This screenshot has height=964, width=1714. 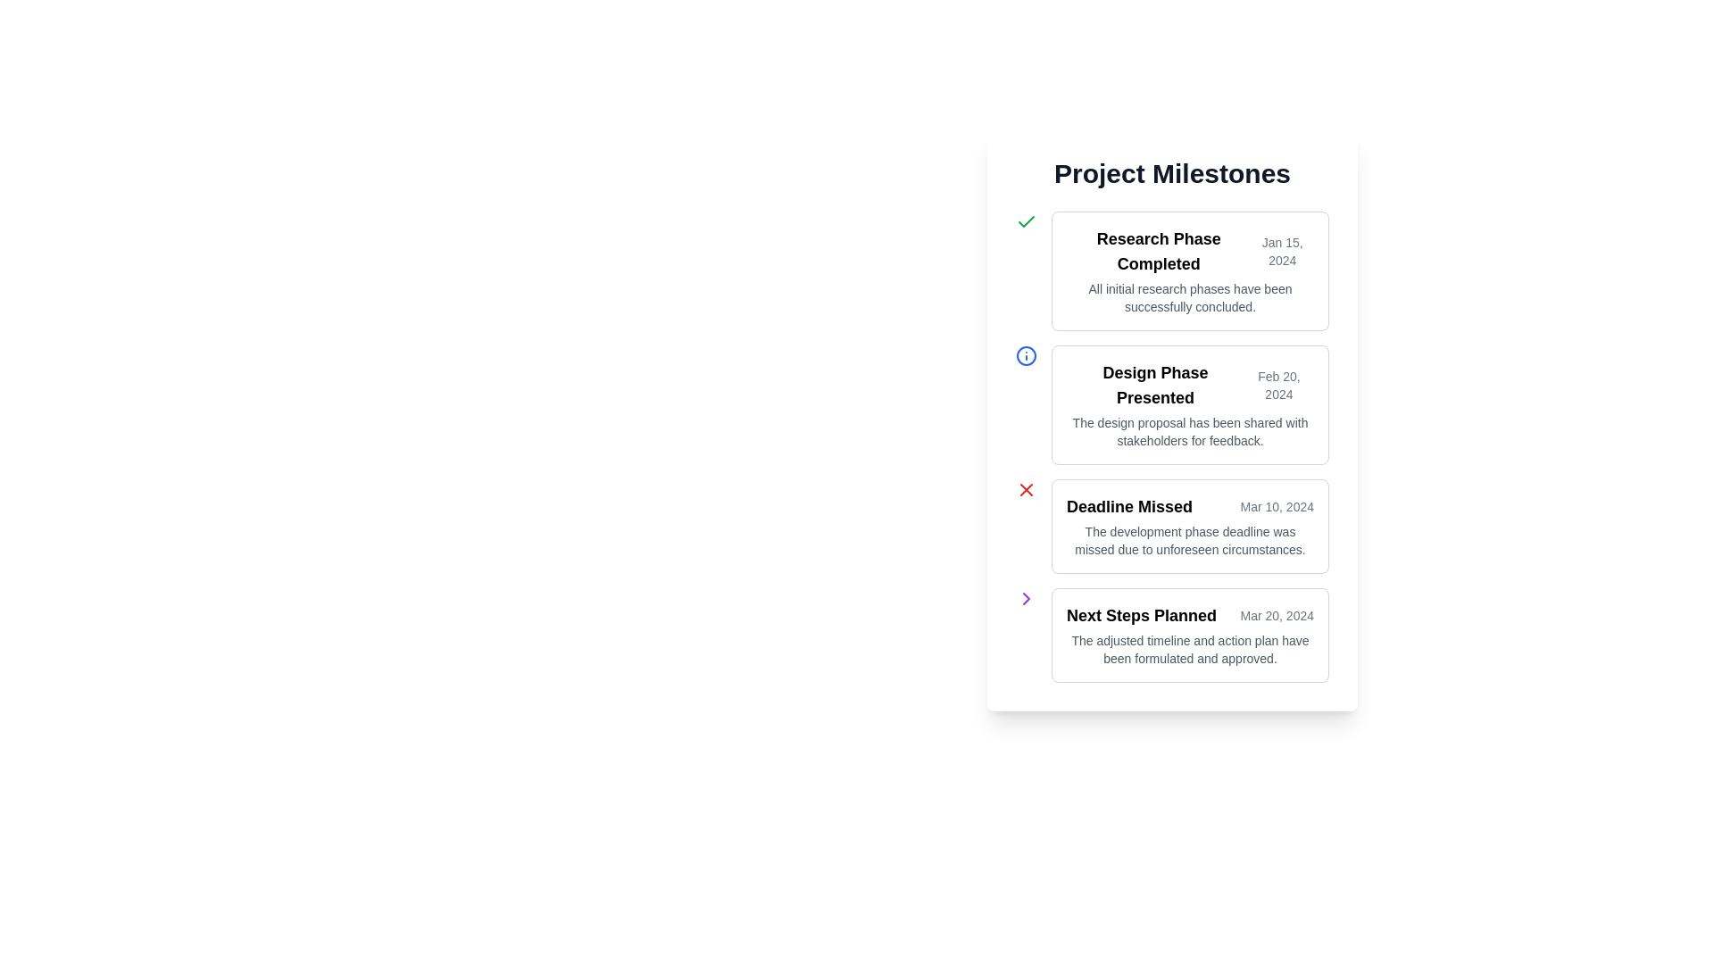 What do you see at coordinates (1190, 526) in the screenshot?
I see `the informational card indicating a missed deadline for the development phase, which is positioned third in a vertical stack of cards` at bounding box center [1190, 526].